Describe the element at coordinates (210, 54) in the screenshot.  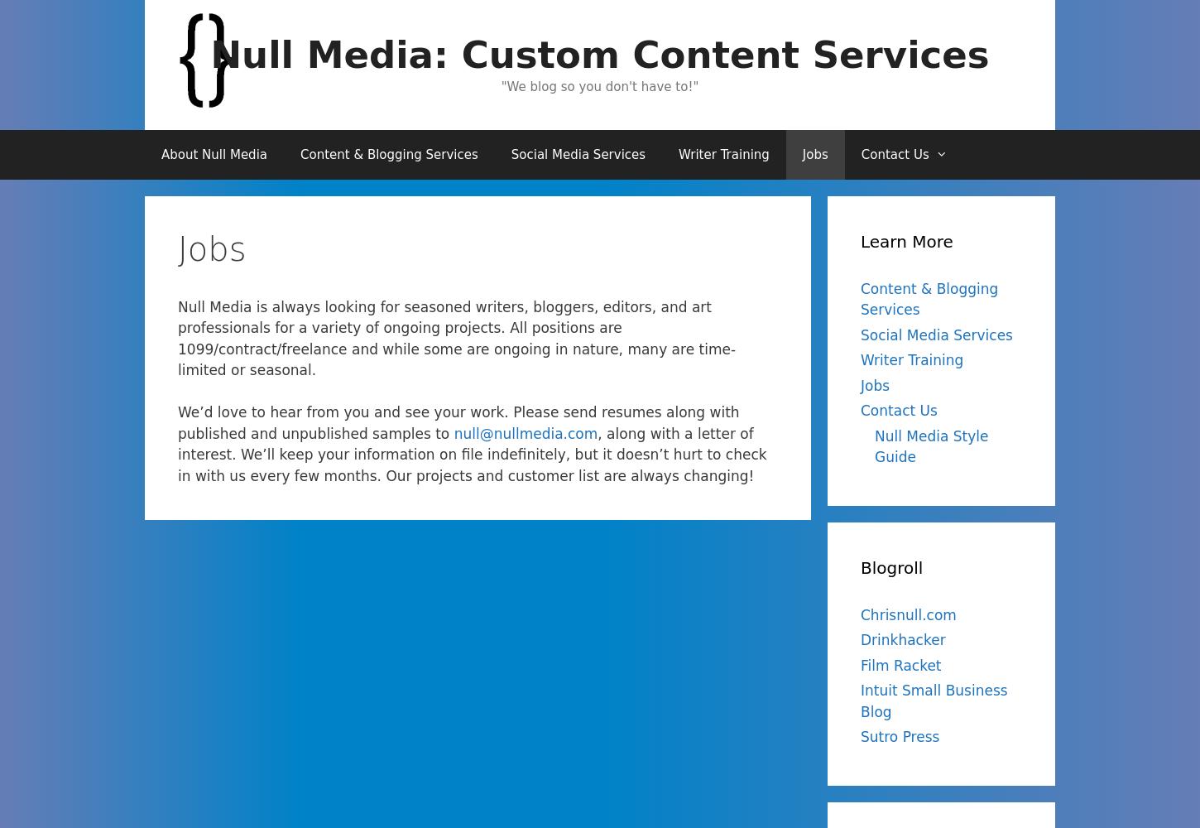
I see `'Null Media: Custom Content Services'` at that location.